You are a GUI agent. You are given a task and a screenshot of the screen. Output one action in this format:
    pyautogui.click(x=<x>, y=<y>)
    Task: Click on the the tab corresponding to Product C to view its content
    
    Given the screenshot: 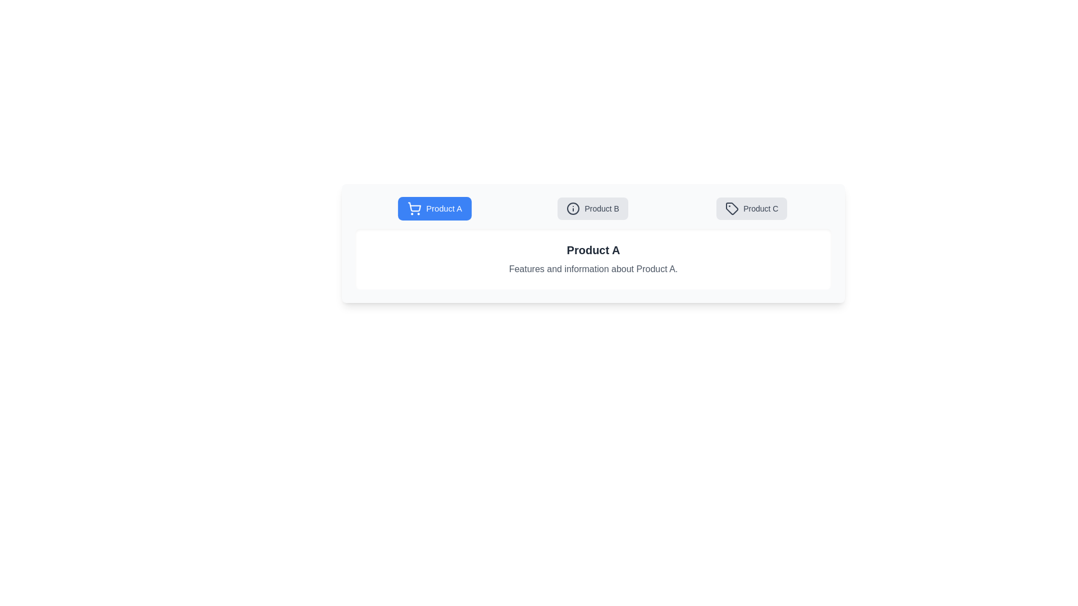 What is the action you would take?
    pyautogui.click(x=752, y=208)
    